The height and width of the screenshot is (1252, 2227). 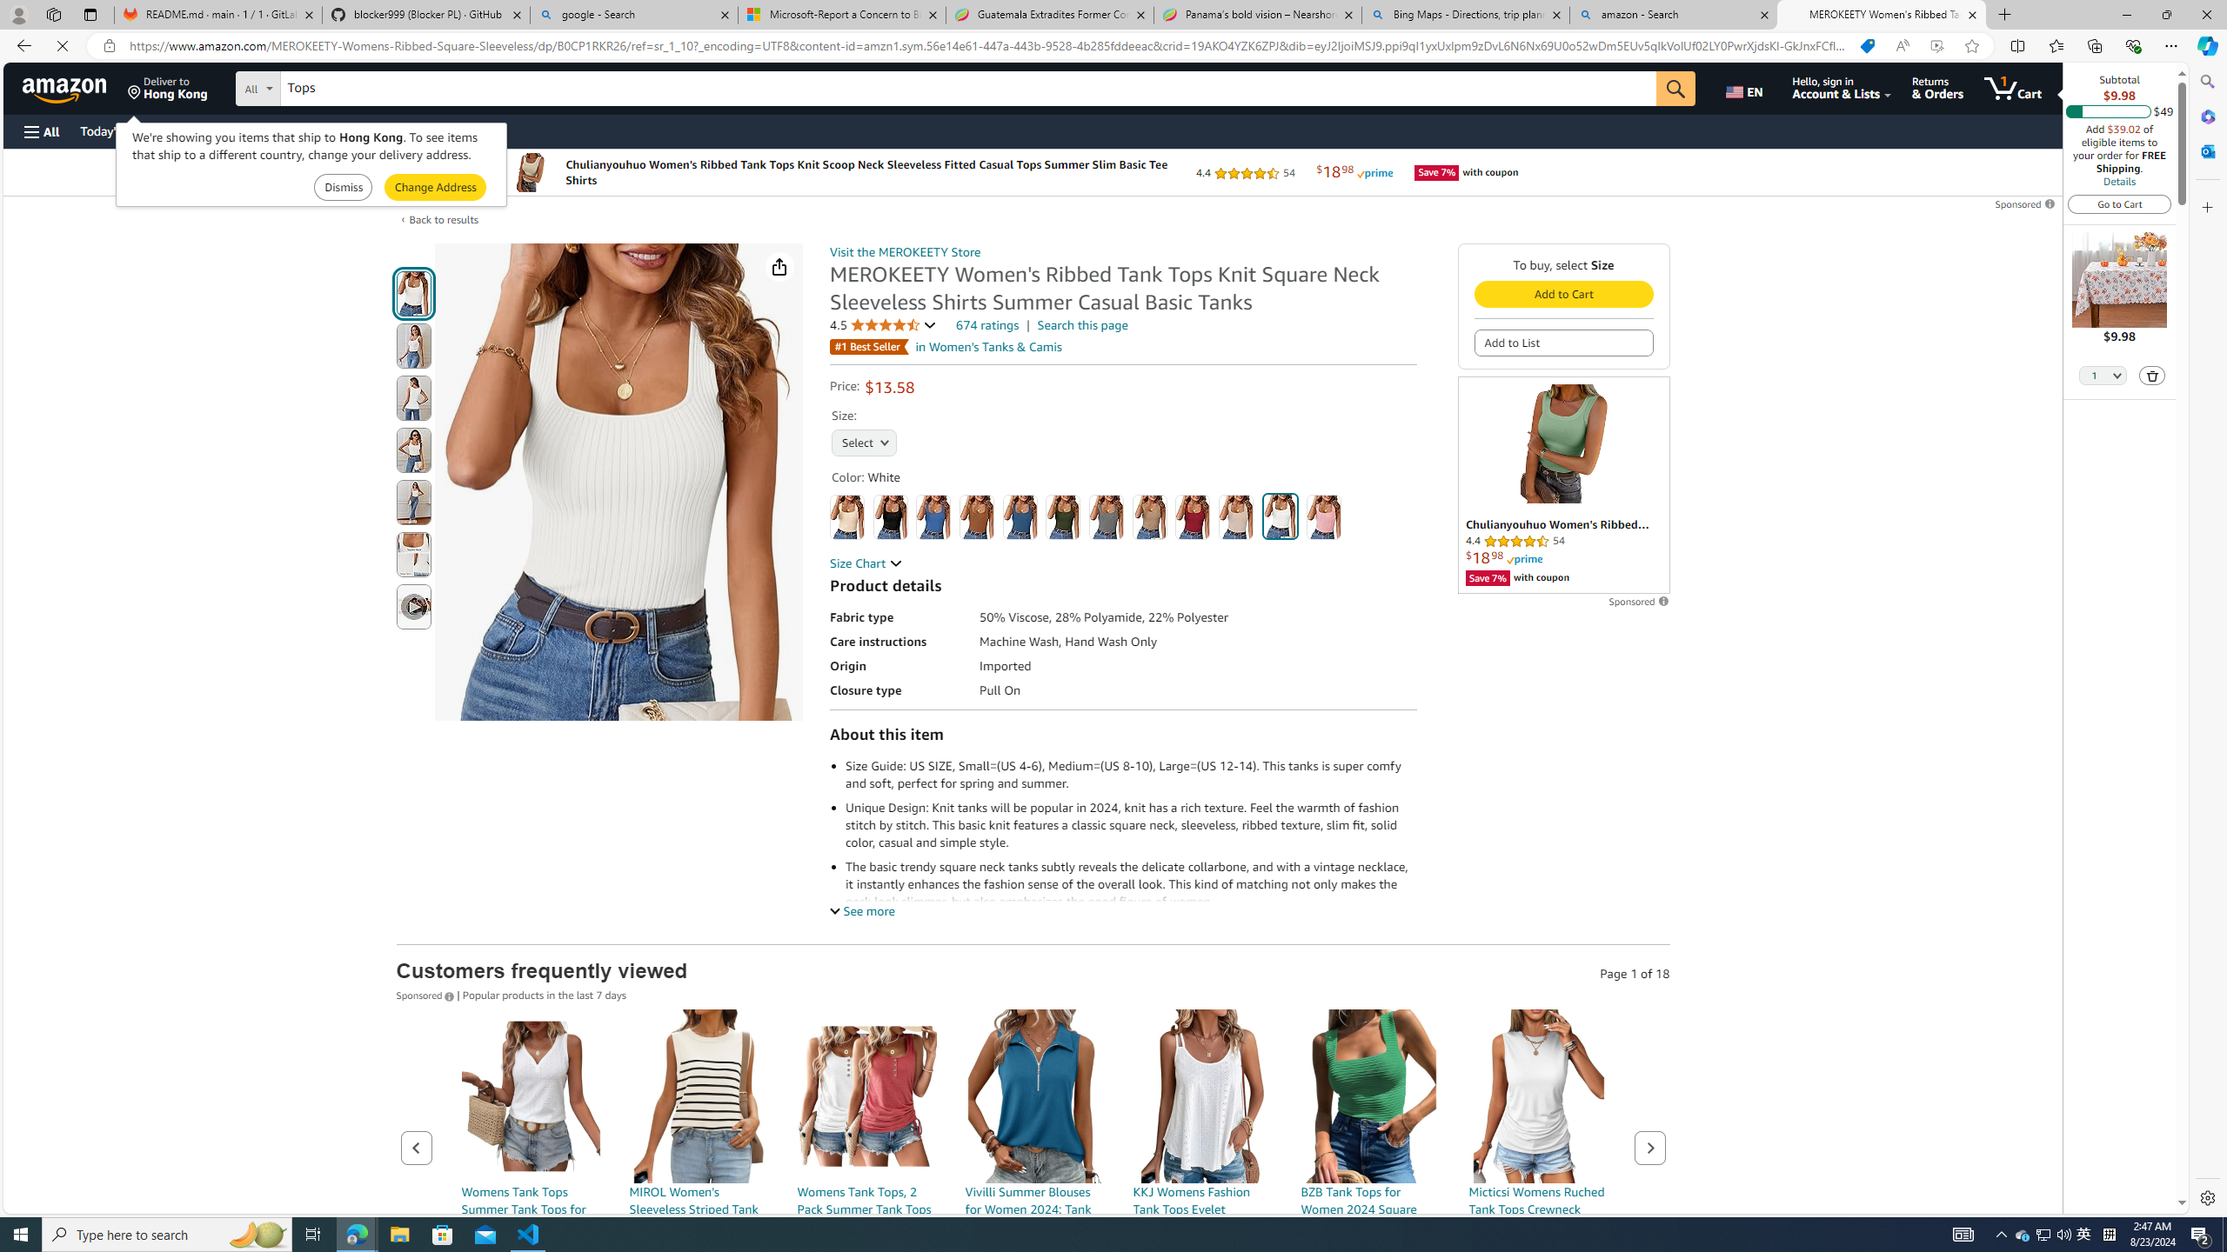 What do you see at coordinates (1237, 516) in the screenshot?
I see `'Sand'` at bounding box center [1237, 516].